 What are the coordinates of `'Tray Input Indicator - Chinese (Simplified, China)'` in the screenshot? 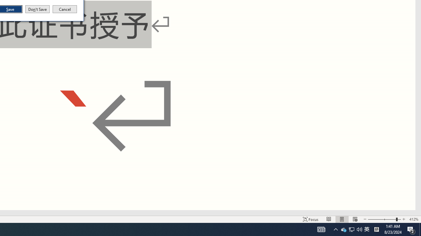 It's located at (376, 229).